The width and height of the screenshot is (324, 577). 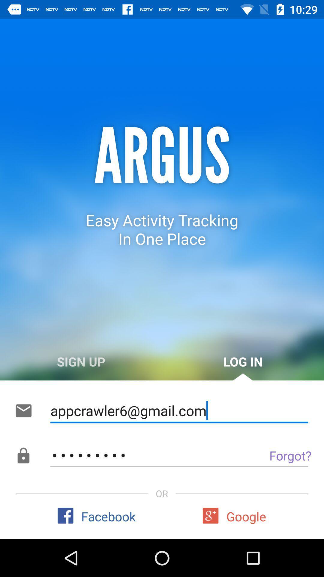 What do you see at coordinates (179, 411) in the screenshot?
I see `icon above the forgot?` at bounding box center [179, 411].